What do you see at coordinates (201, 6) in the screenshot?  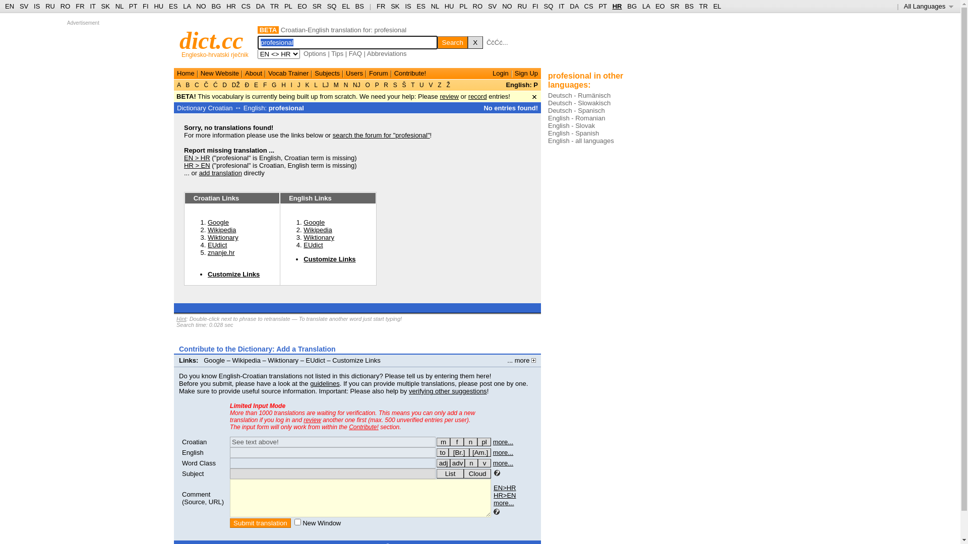 I see `'NO'` at bounding box center [201, 6].